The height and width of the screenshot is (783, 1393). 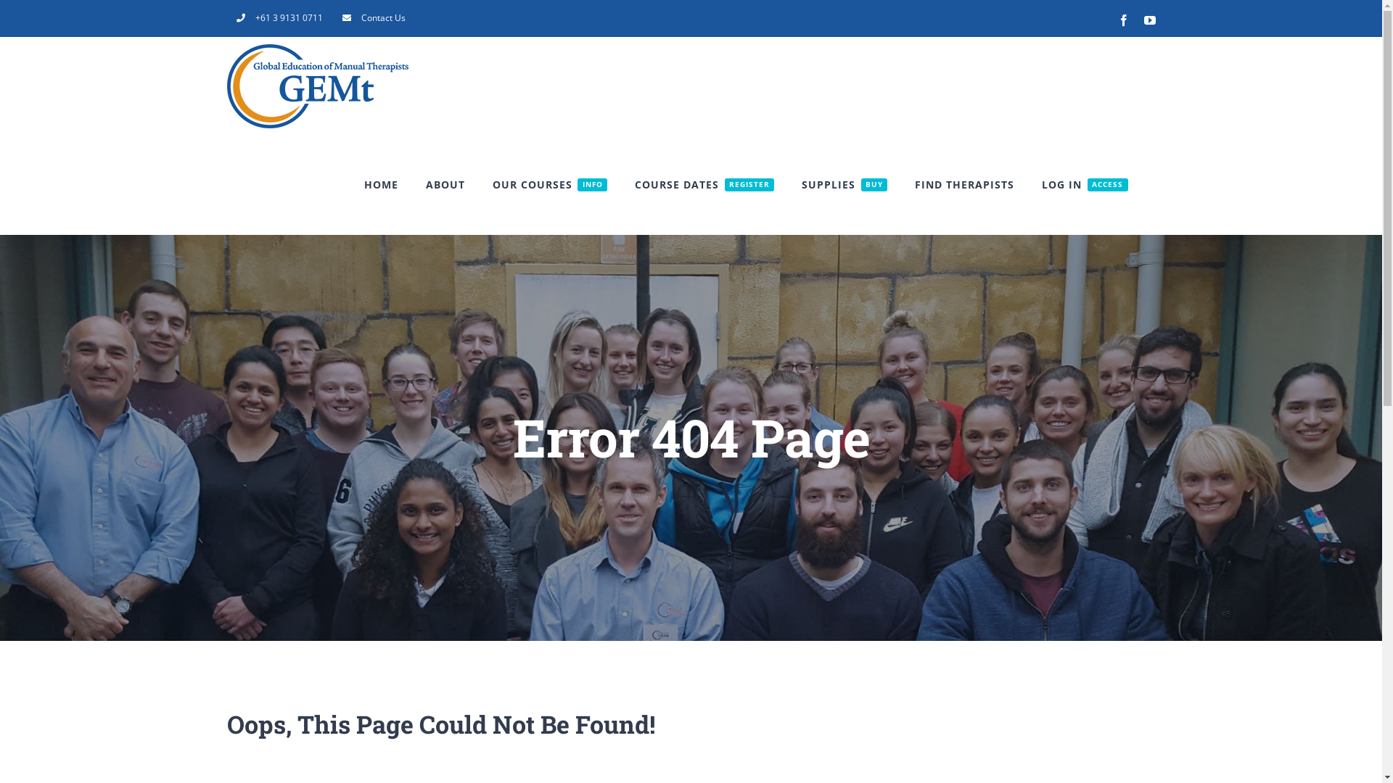 I want to click on 'SUPPLIES, so click(x=800, y=183).